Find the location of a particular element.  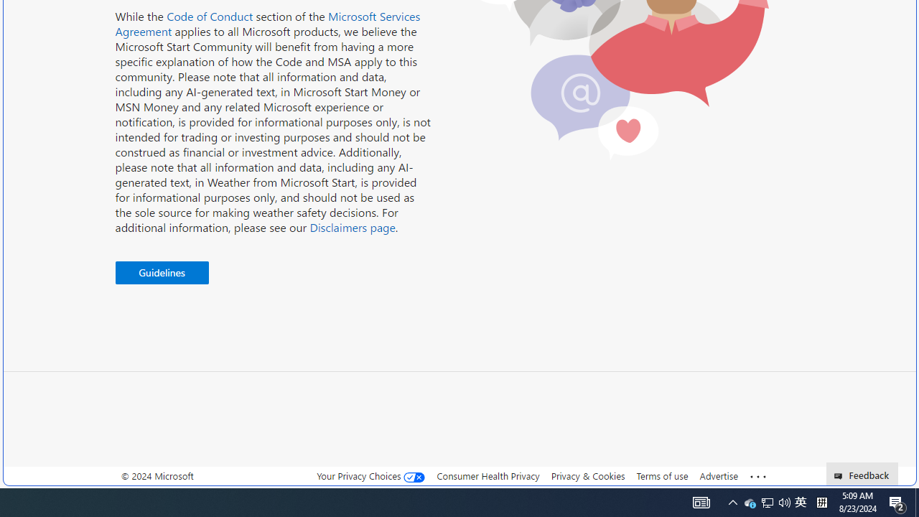

'Guidelines ' is located at coordinates (162, 273).